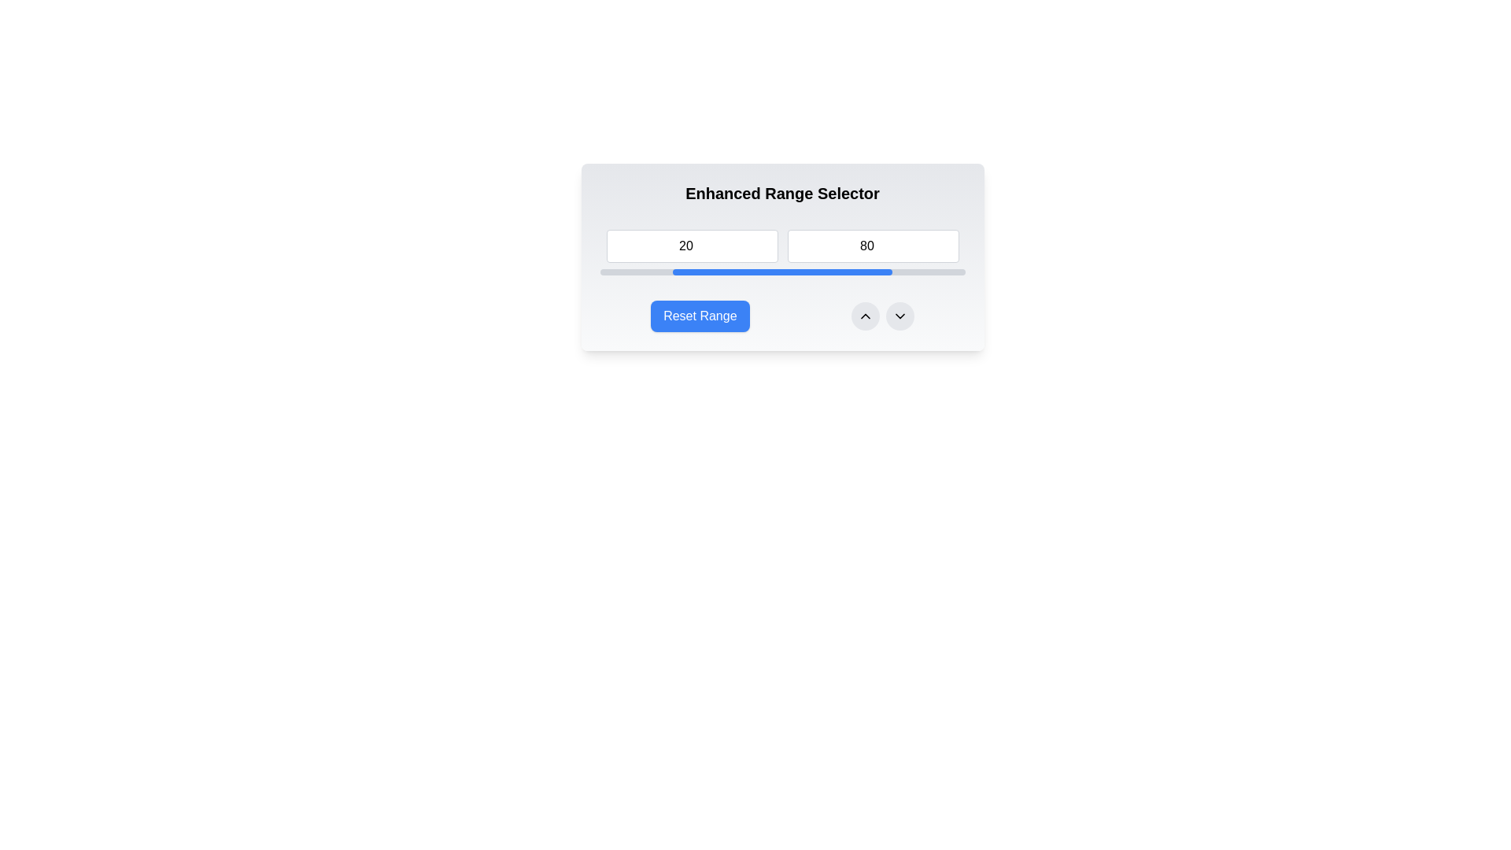 The image size is (1511, 850). What do you see at coordinates (864, 316) in the screenshot?
I see `the circular button with a light gray background and an upwards-pointing chevron icon, located in the lower-right part of the layout` at bounding box center [864, 316].